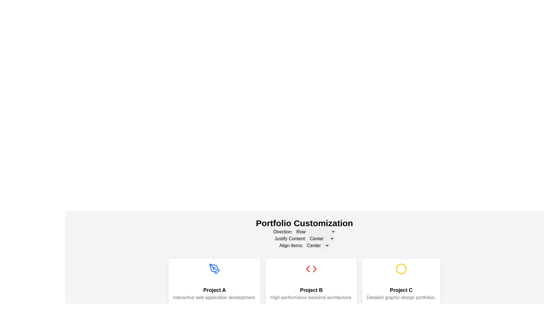  What do you see at coordinates (401, 269) in the screenshot?
I see `the circular yellow decorative icon representing the 'Project C' section located in the last column of a three-column layout` at bounding box center [401, 269].